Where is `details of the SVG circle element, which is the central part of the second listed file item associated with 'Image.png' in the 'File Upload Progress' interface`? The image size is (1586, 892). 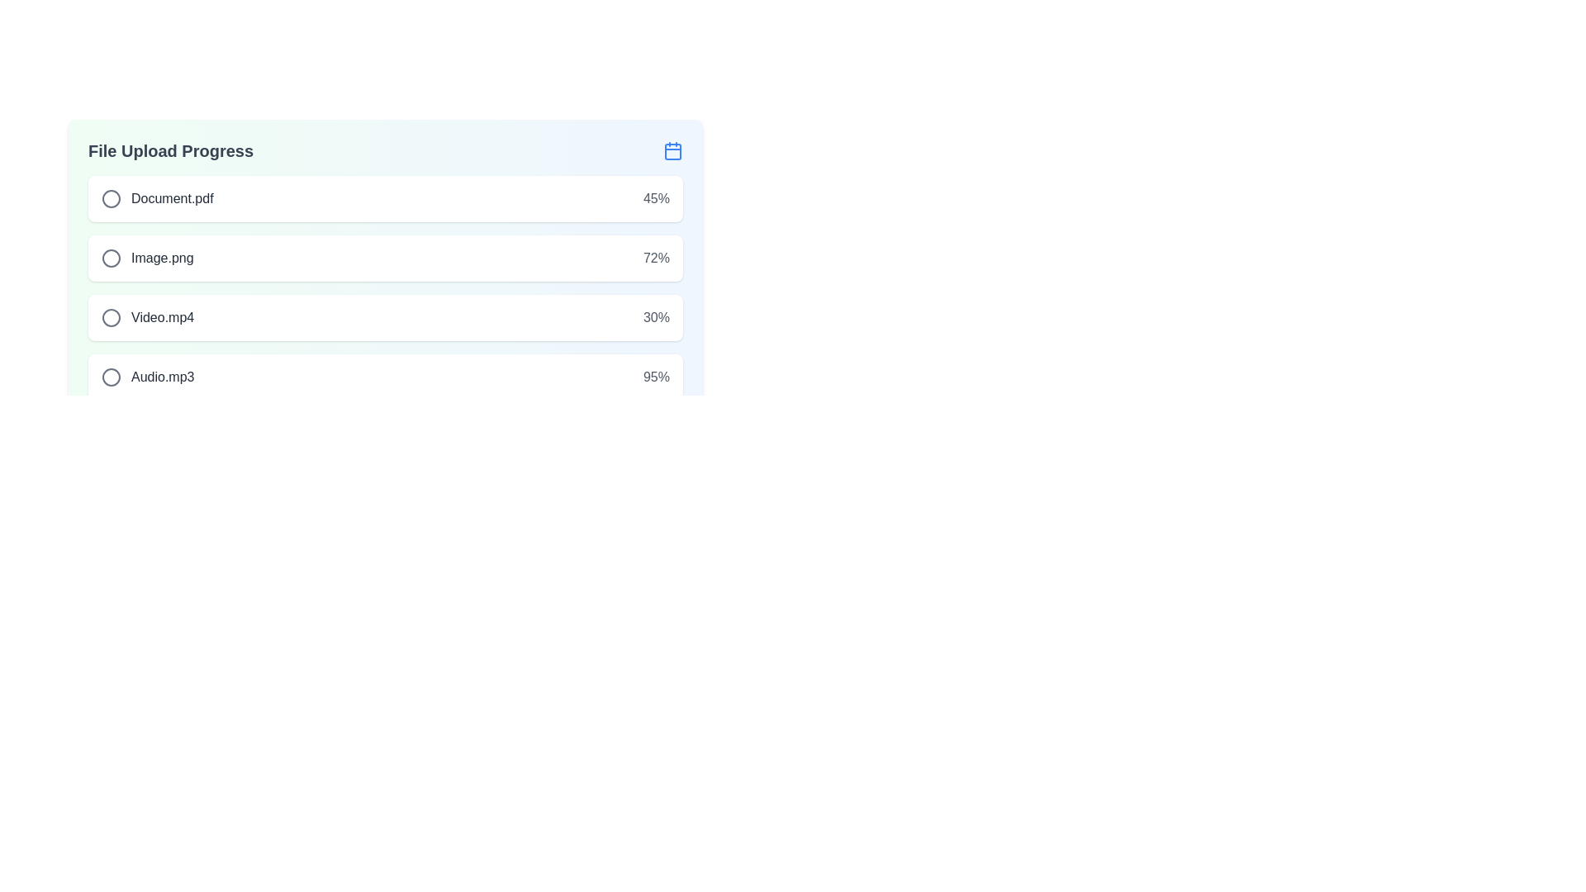 details of the SVG circle element, which is the central part of the second listed file item associated with 'Image.png' in the 'File Upload Progress' interface is located at coordinates (110, 258).